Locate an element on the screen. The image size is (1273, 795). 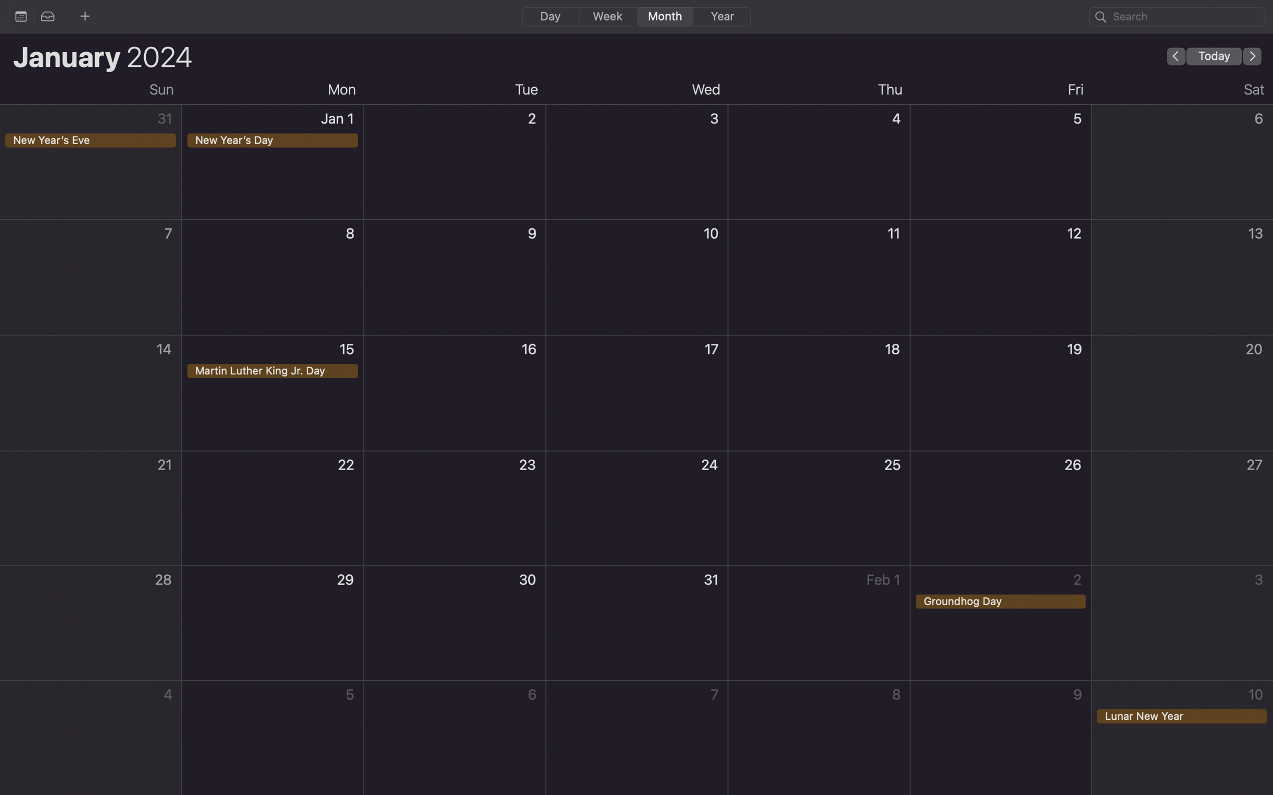
Change the calendar display to be yearly format is located at coordinates (721, 16).